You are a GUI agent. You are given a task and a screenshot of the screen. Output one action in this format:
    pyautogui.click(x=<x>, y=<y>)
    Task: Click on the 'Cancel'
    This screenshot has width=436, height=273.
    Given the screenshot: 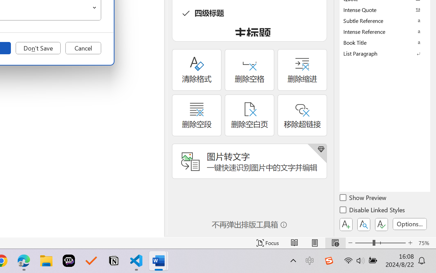 What is the action you would take?
    pyautogui.click(x=83, y=48)
    